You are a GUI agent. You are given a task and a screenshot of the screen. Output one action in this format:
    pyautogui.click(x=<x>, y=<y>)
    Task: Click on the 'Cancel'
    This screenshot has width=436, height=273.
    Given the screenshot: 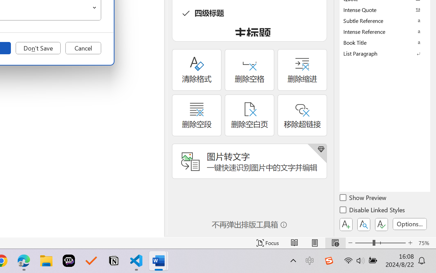 What is the action you would take?
    pyautogui.click(x=83, y=48)
    